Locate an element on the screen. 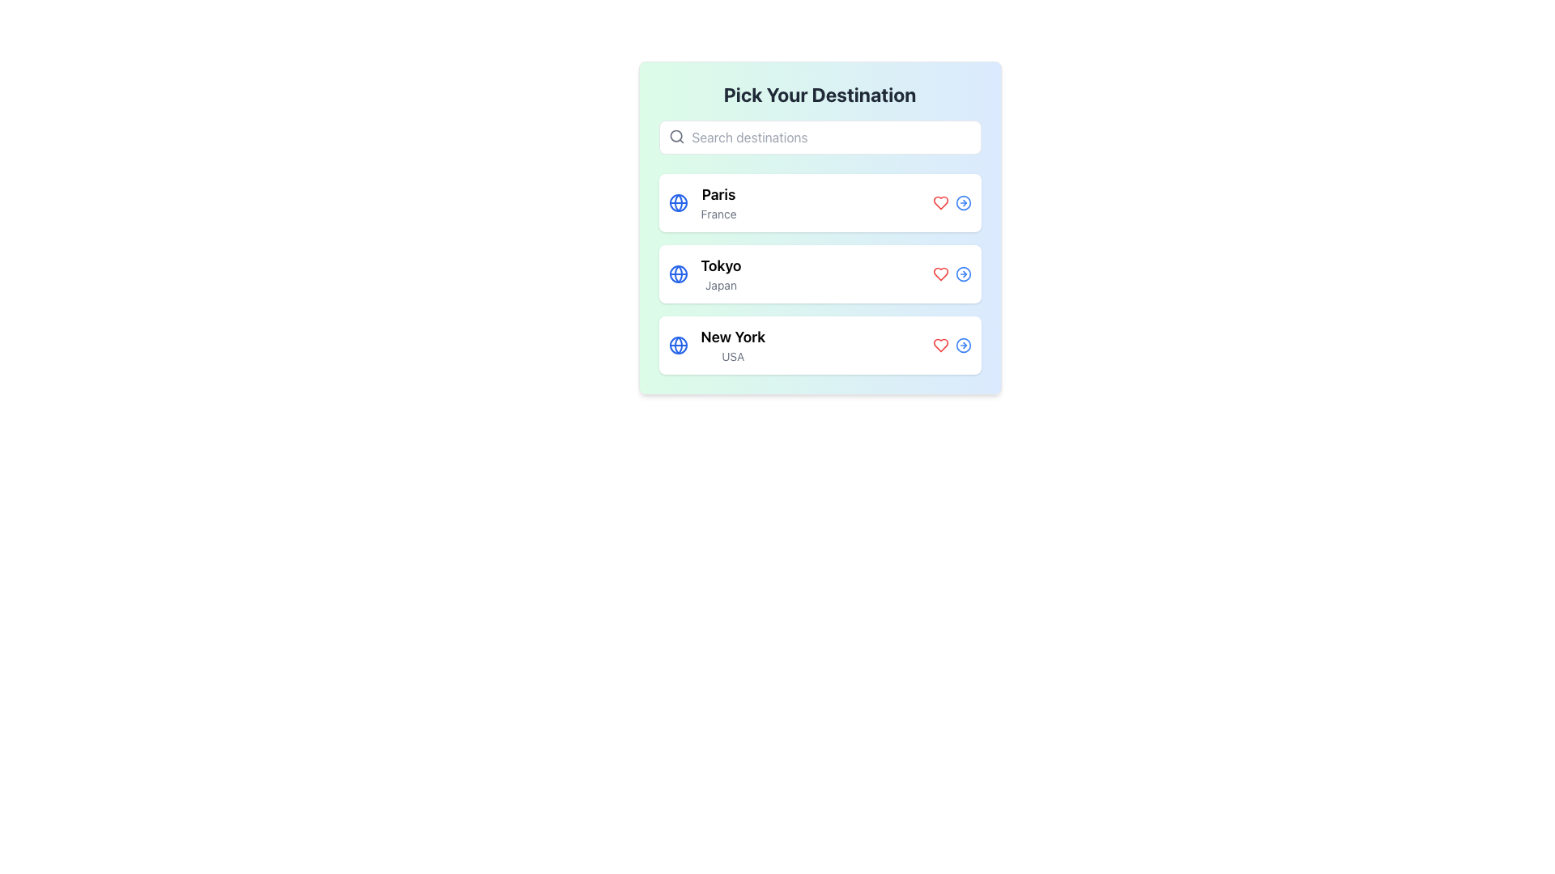 The height and width of the screenshot is (874, 1555). the red heart icon button located in the Paris destination card is located at coordinates (940, 202).